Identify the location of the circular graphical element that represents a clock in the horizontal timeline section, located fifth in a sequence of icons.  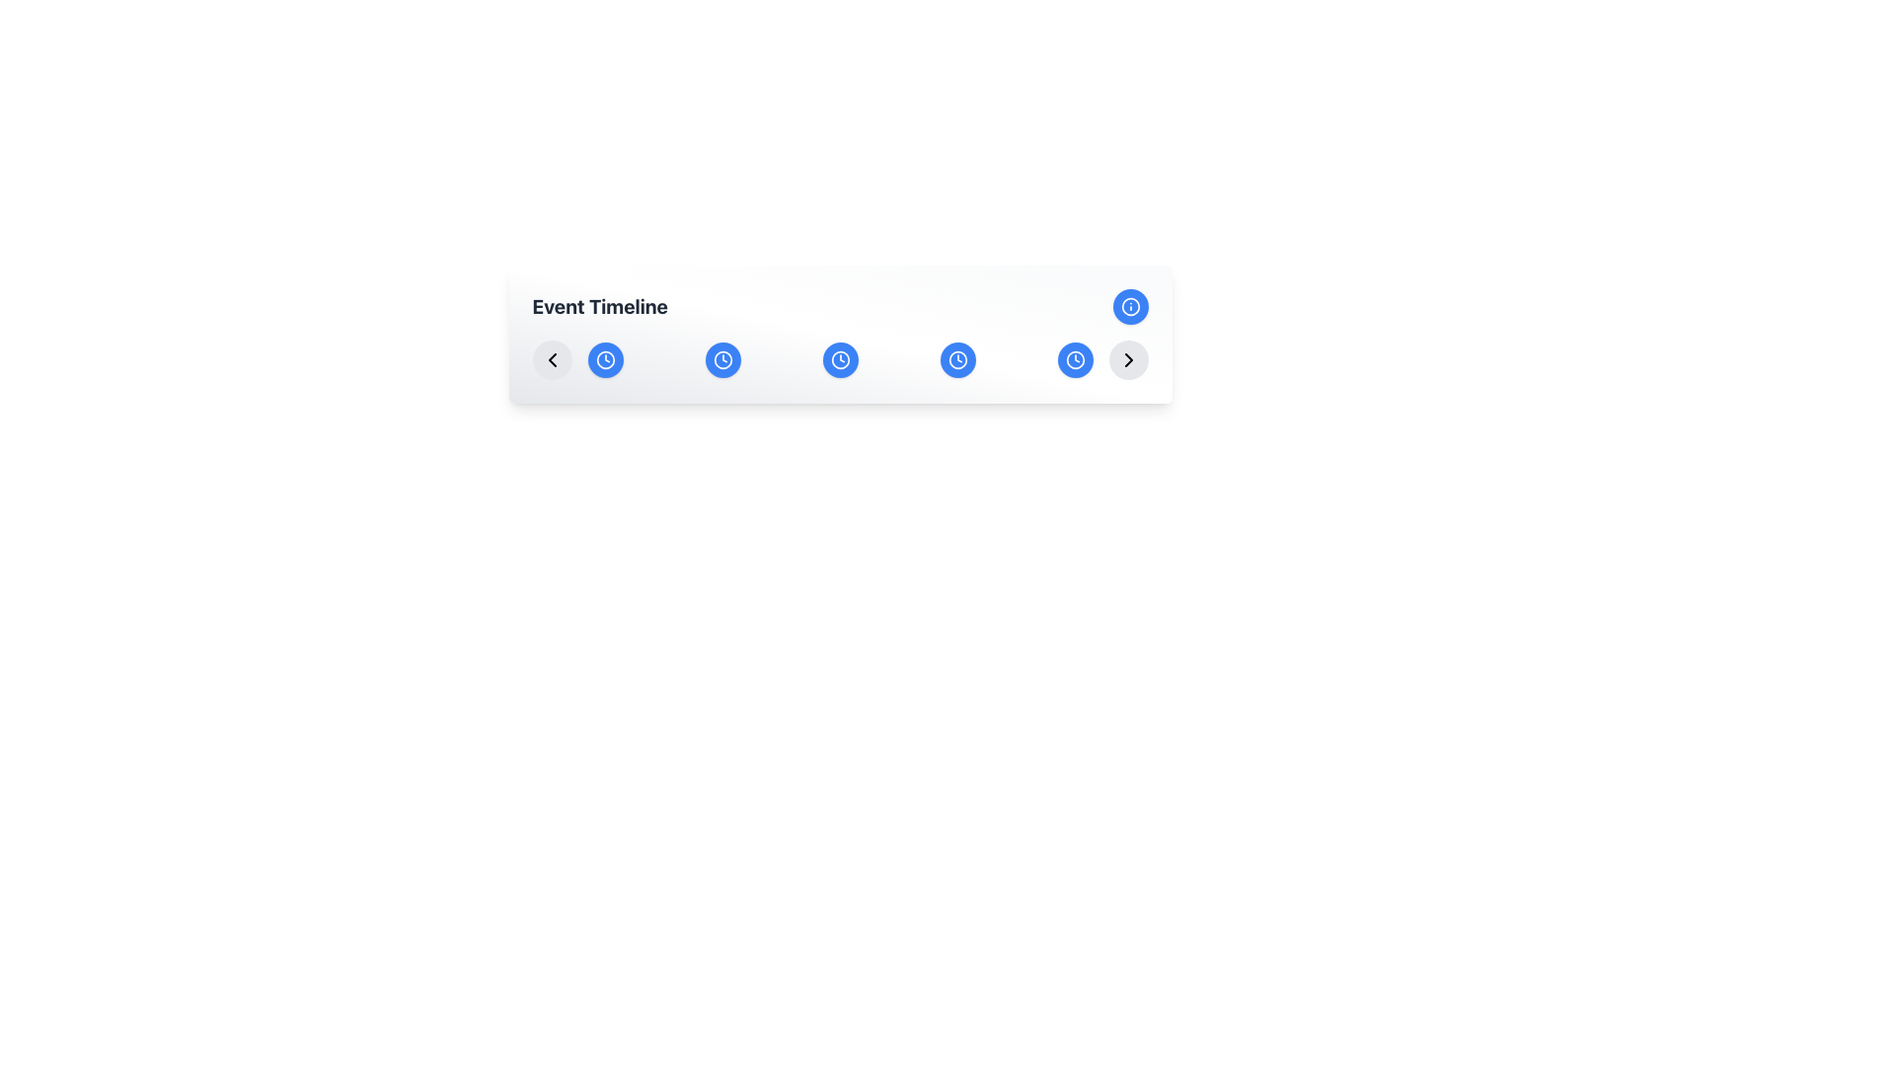
(957, 360).